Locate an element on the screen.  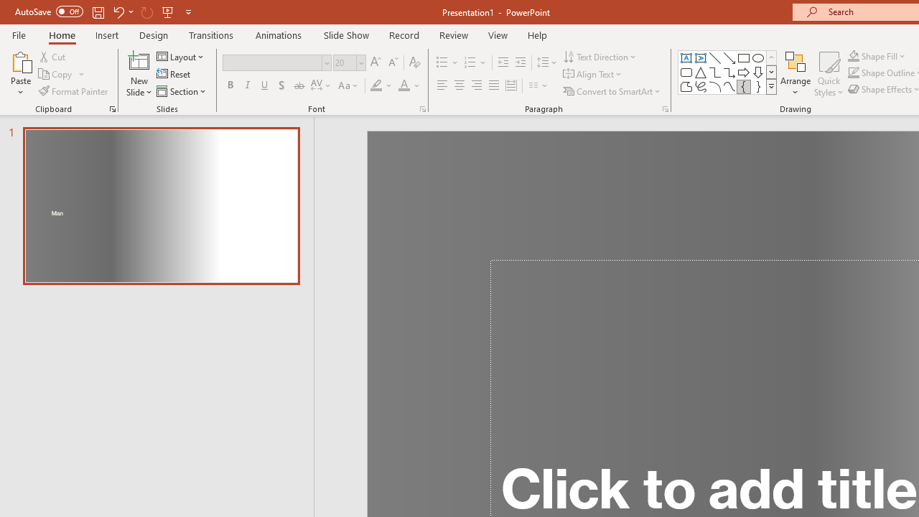
'Italic' is located at coordinates (247, 85).